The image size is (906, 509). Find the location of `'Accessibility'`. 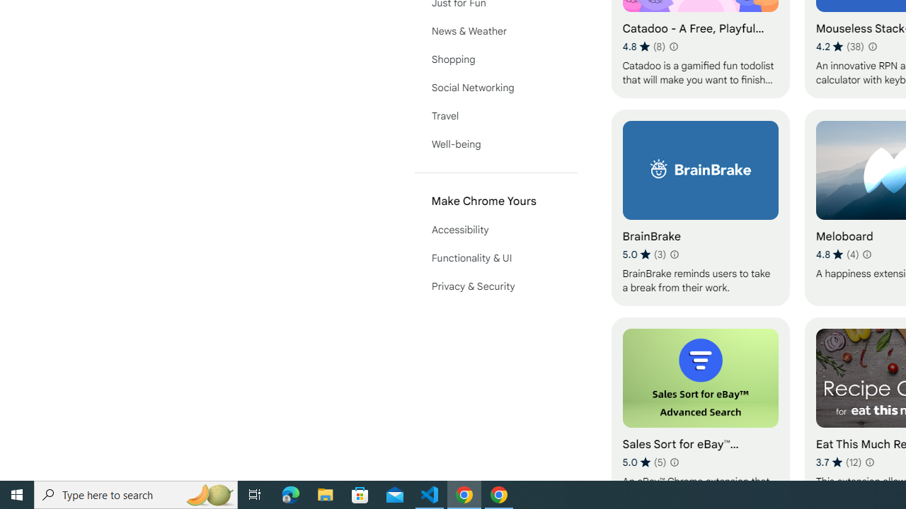

'Accessibility' is located at coordinates (495, 229).